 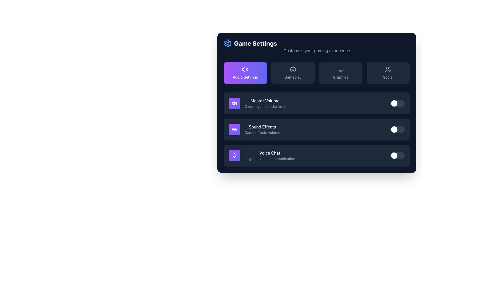 What do you see at coordinates (317, 155) in the screenshot?
I see `the toggle in the Setting Toggle Row labeled 'Voice Chat'` at bounding box center [317, 155].